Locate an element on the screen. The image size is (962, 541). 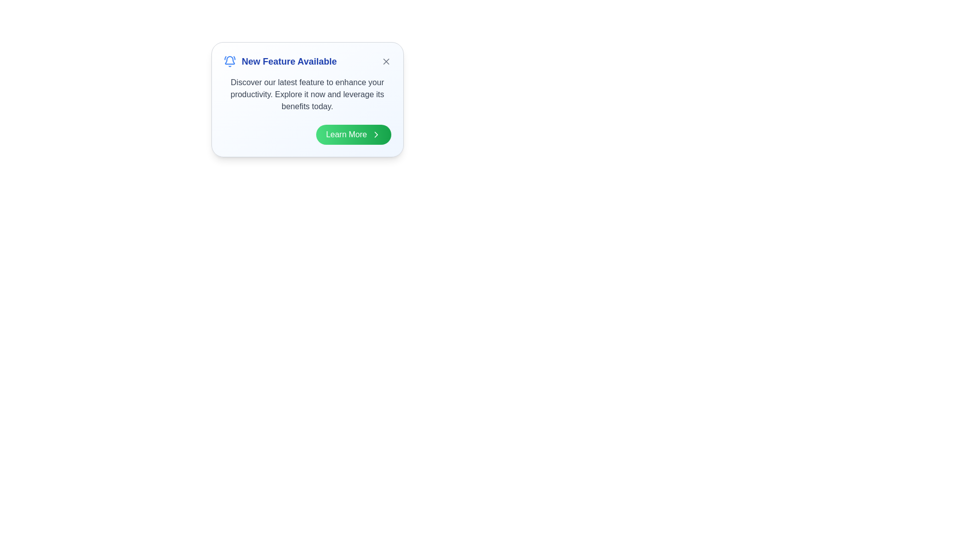
the 'Dismiss Alert' button to dismiss the notification is located at coordinates (385, 62).